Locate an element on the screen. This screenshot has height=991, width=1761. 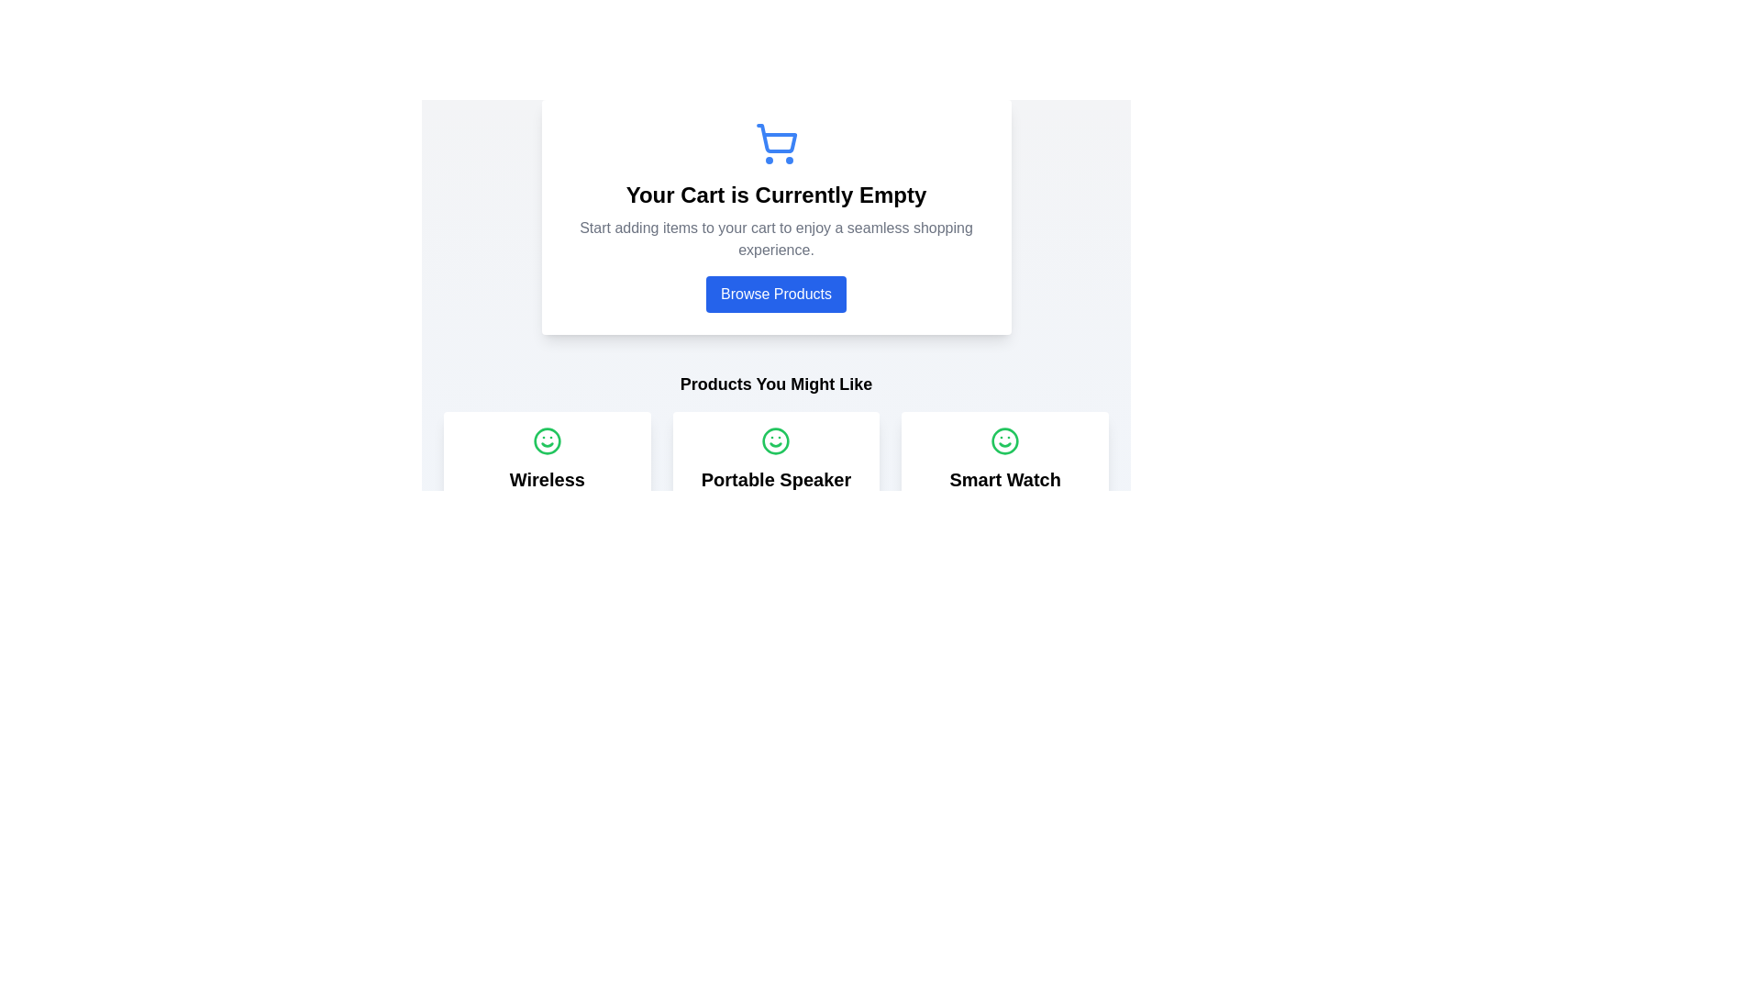
the green circular outline decorative graphic element located at the center of the smiley face icon associated with 'Portable Speaker' is located at coordinates (776, 441).